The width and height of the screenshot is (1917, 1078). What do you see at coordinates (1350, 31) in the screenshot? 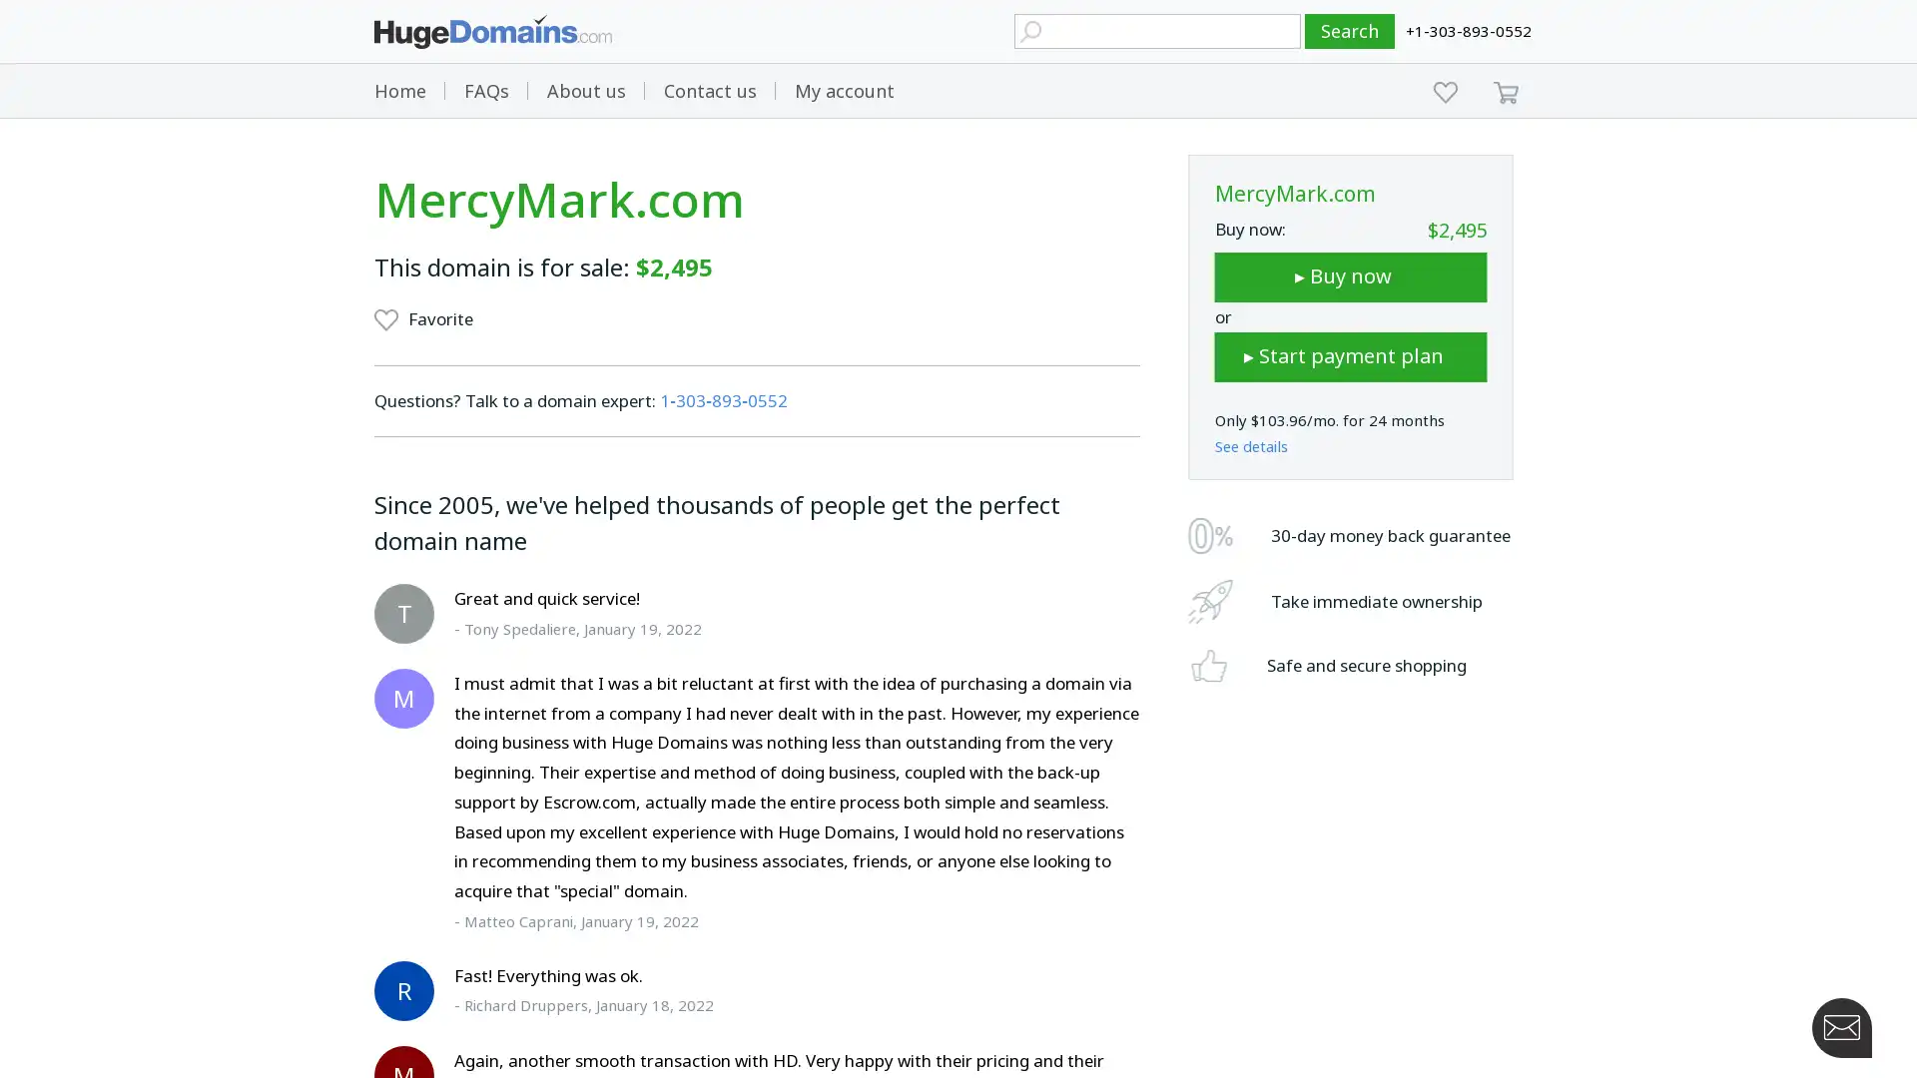
I see `Search` at bounding box center [1350, 31].